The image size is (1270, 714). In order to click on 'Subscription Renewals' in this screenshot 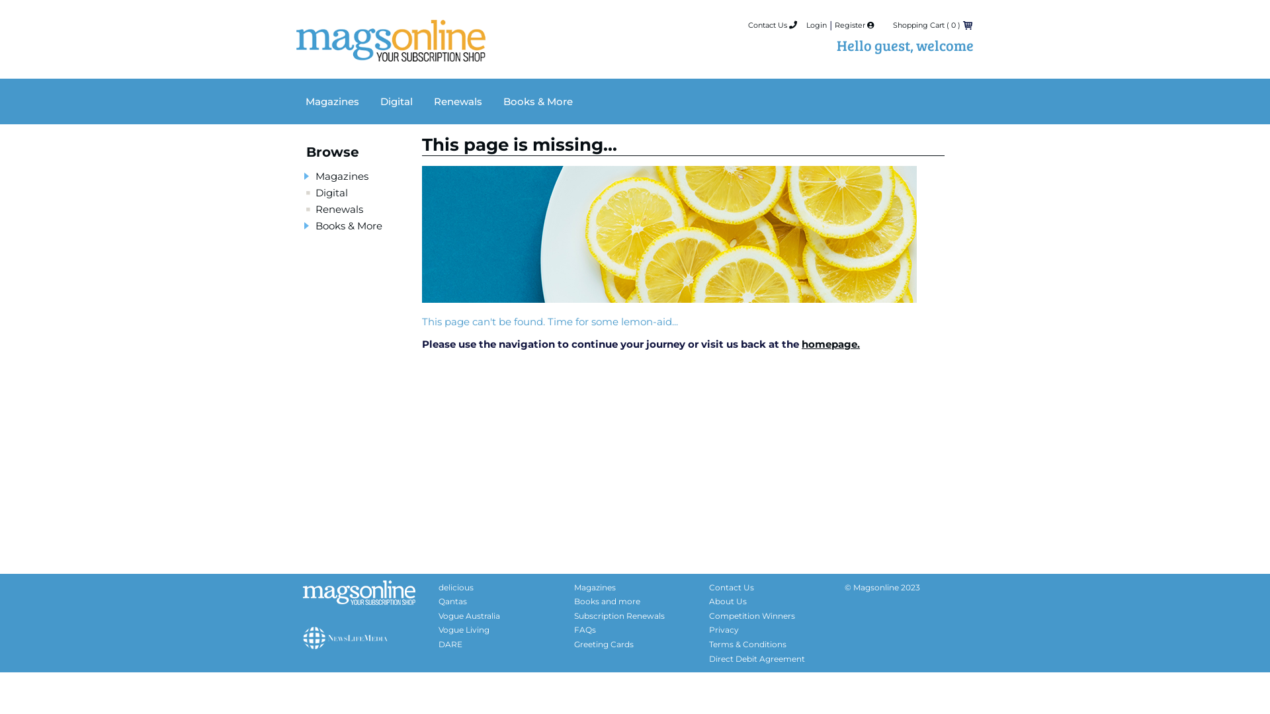, I will do `click(574, 615)`.